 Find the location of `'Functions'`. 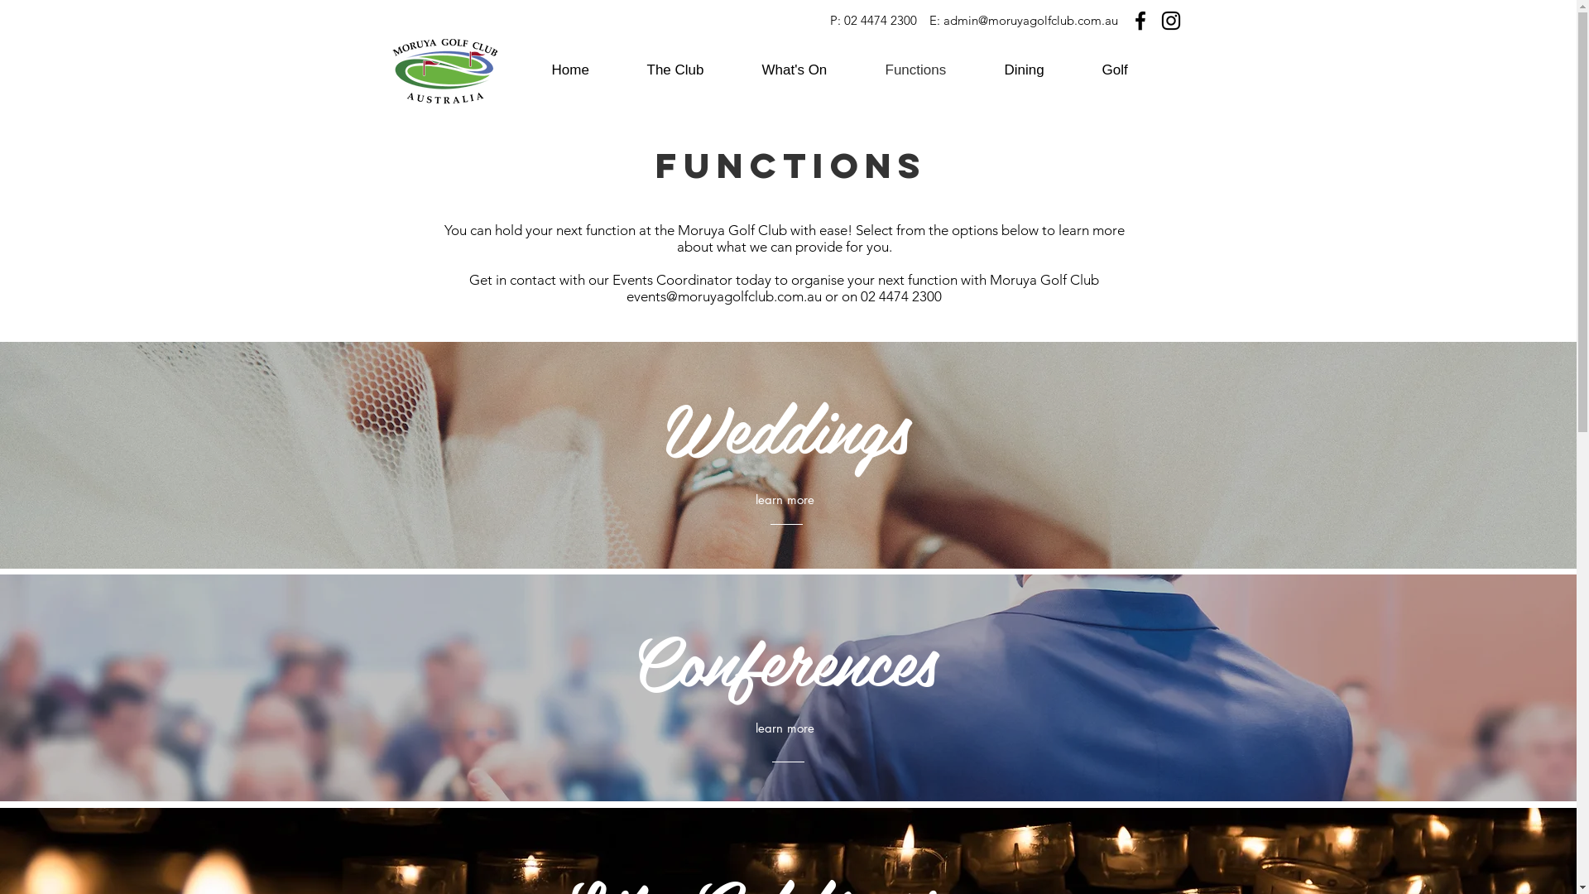

'Functions' is located at coordinates (932, 69).